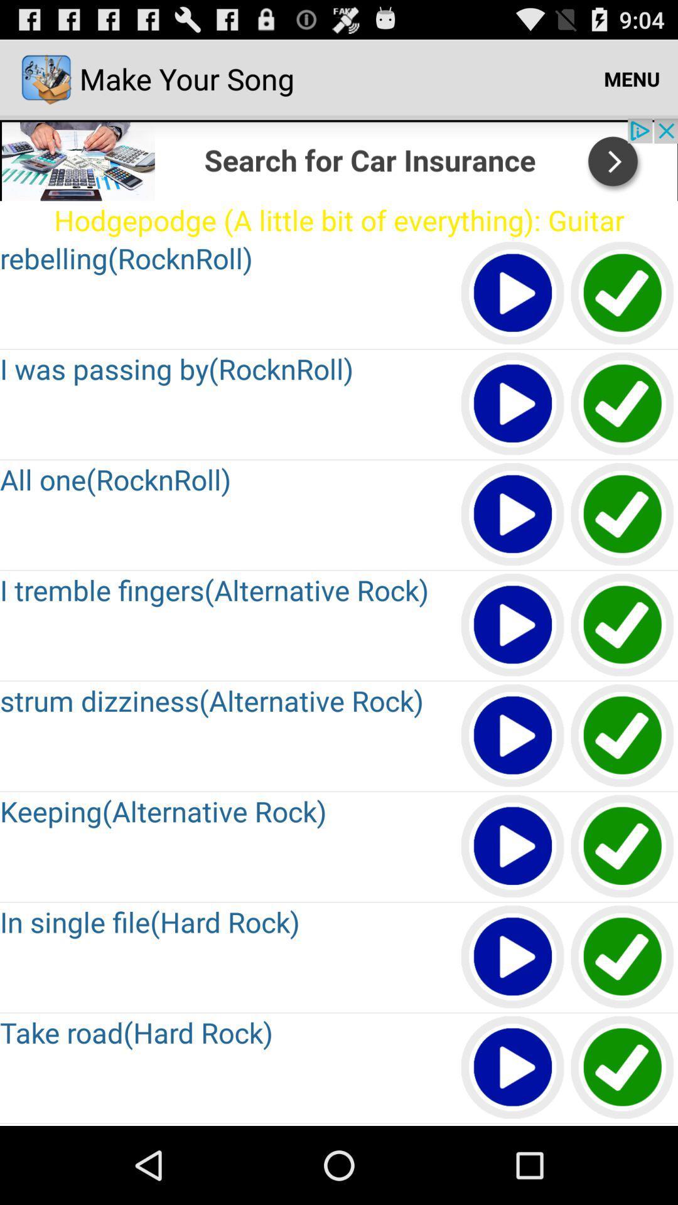  I want to click on button, so click(513, 404).